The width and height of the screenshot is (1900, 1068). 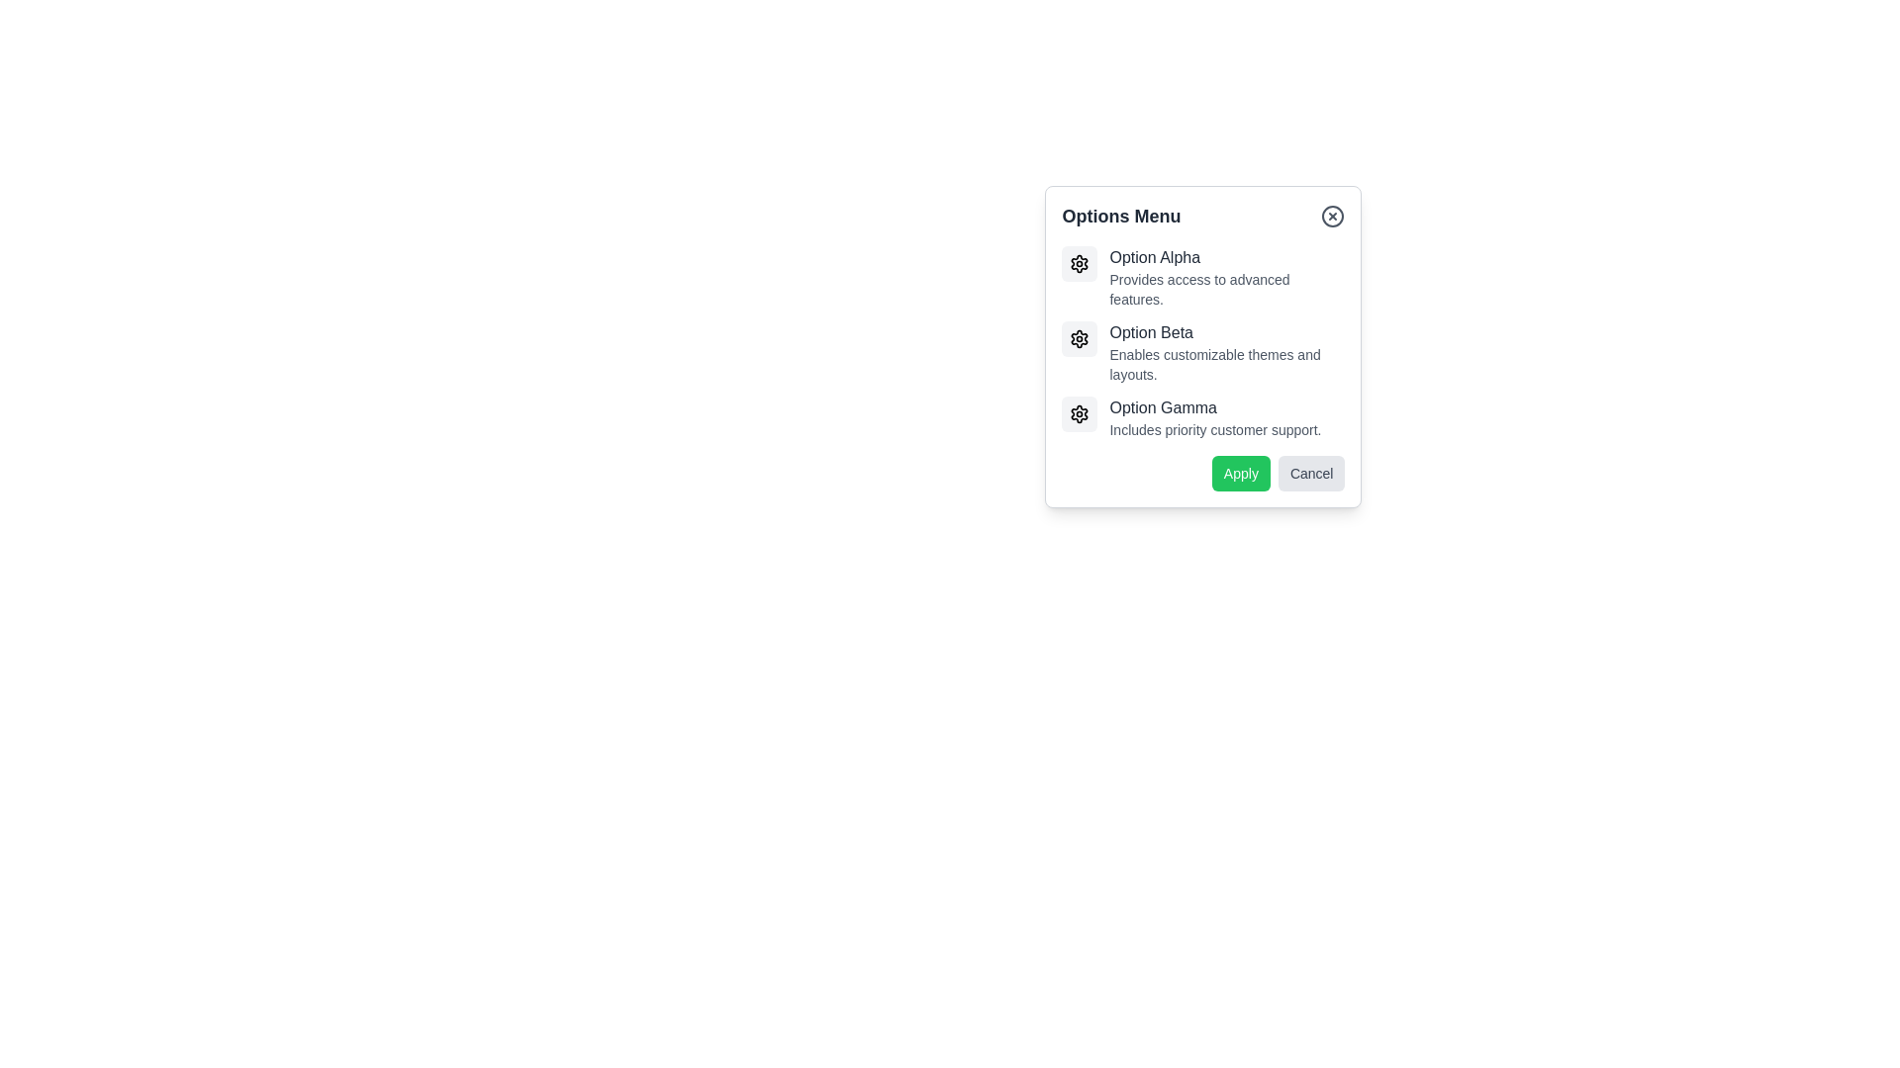 I want to click on the settings icon located in the left part of the 'Option Beta' row within the 'Options Menu' panel to identify the corresponding setting it represents, so click(x=1079, y=338).